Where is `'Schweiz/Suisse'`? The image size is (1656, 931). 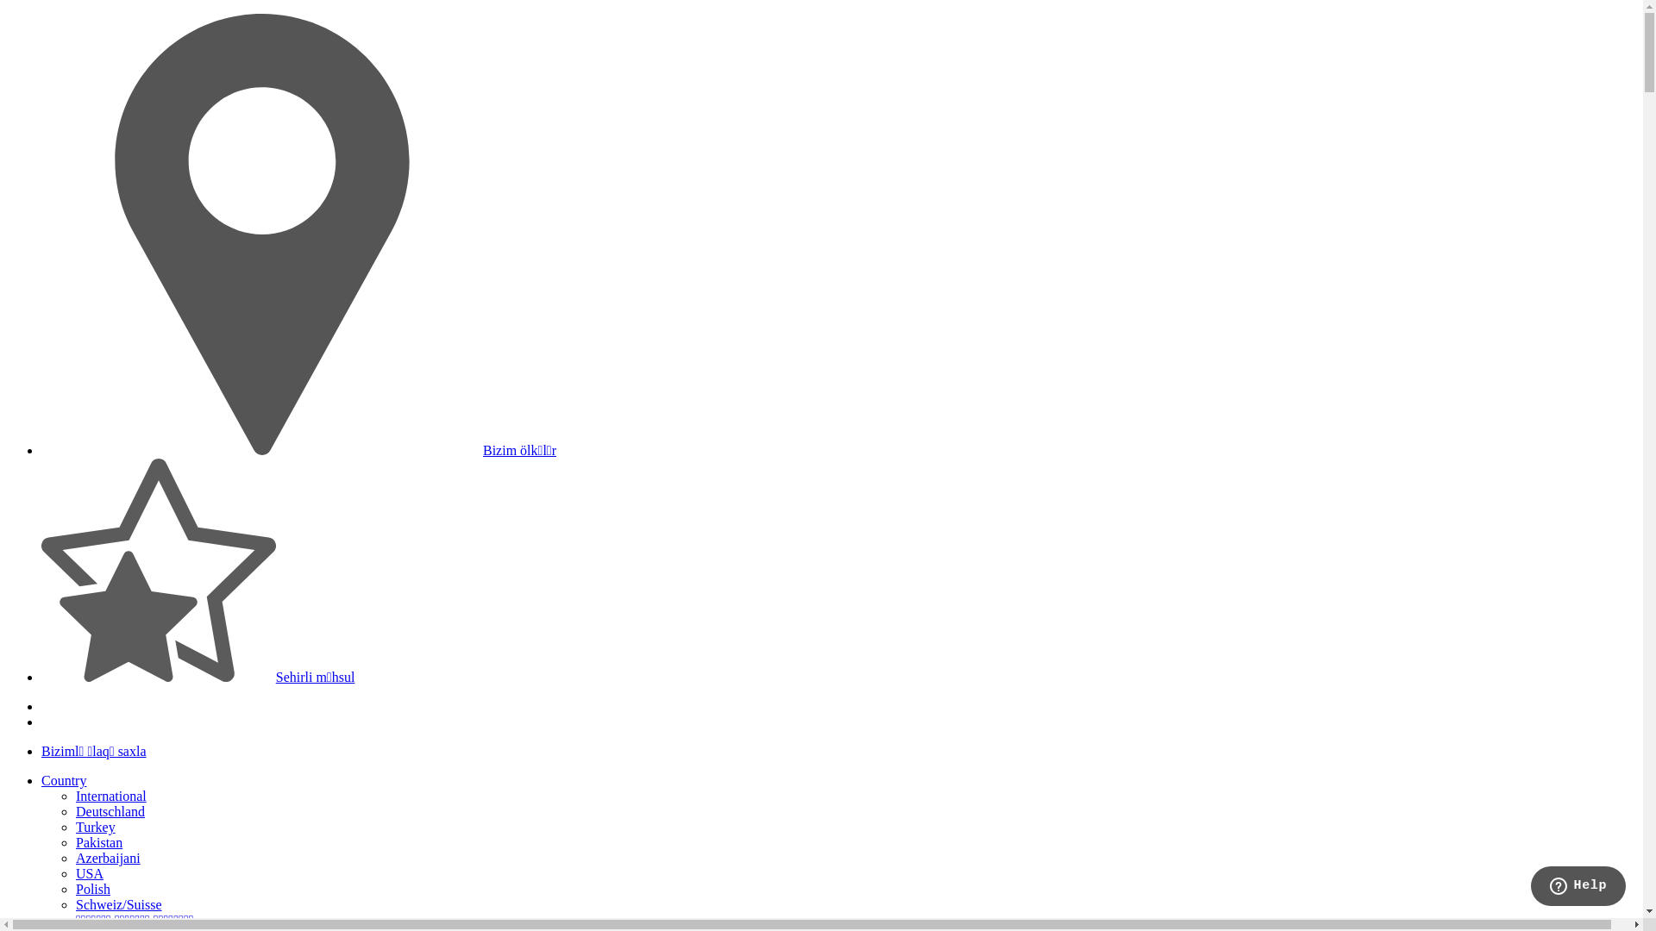 'Schweiz/Suisse' is located at coordinates (118, 903).